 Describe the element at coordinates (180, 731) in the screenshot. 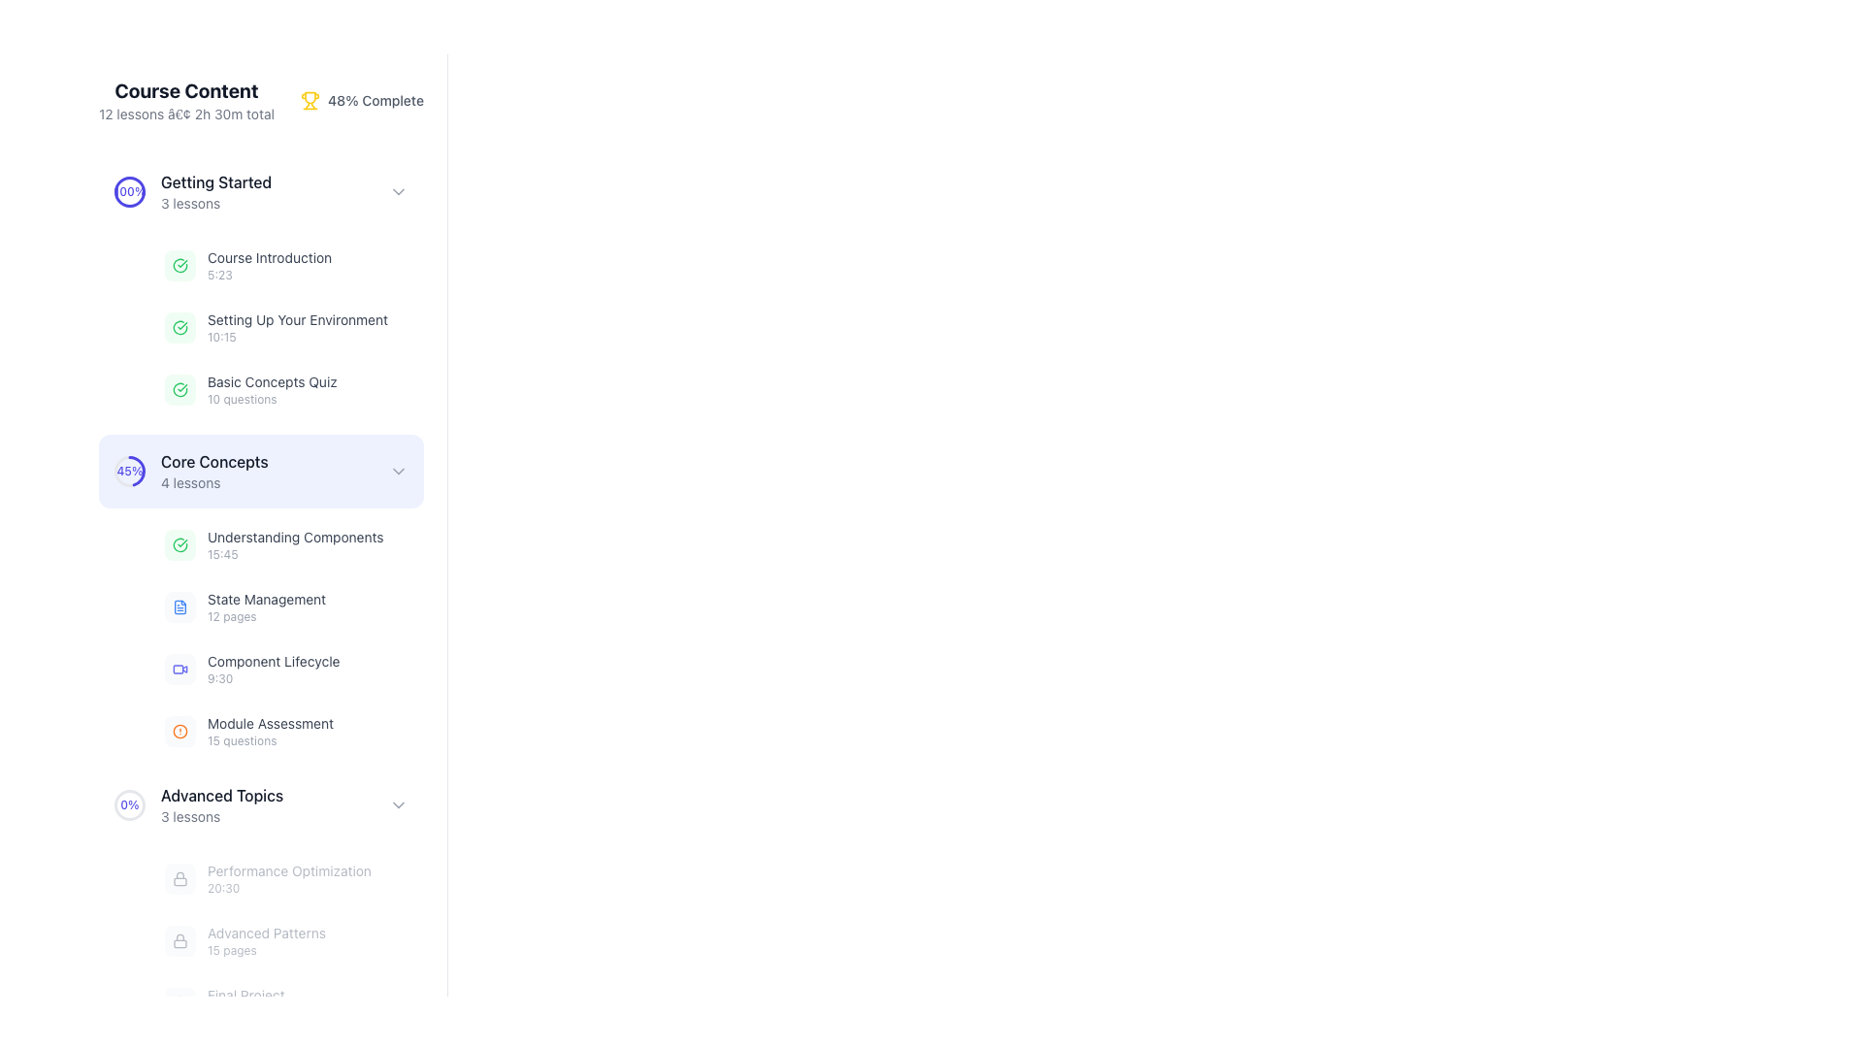

I see `the graphical circle icon, which serves as a visual marker within an alert or warning icon in the sidebar panel` at that location.